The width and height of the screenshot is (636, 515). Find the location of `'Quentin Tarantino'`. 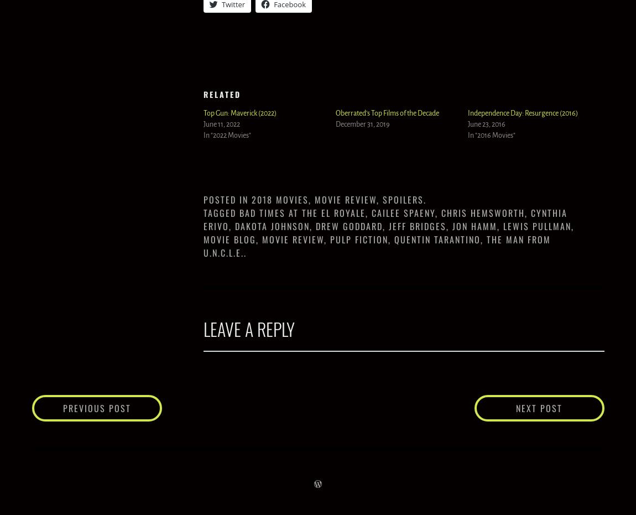

'Quentin Tarantino' is located at coordinates (436, 238).